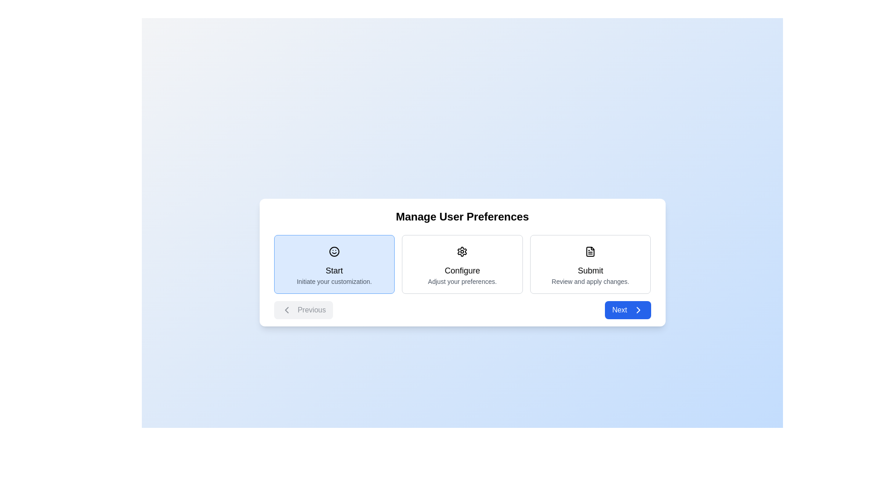 The width and height of the screenshot is (870, 489). What do you see at coordinates (627, 309) in the screenshot?
I see `the 'Next' button to advance to the next step` at bounding box center [627, 309].